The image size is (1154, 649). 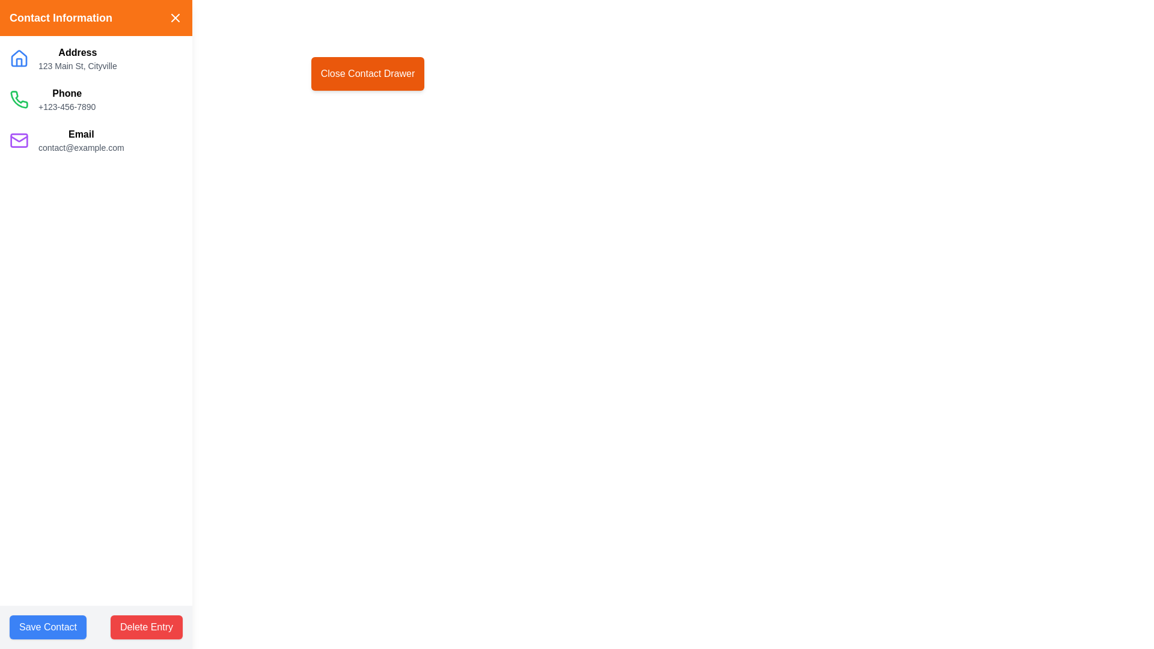 What do you see at coordinates (66, 106) in the screenshot?
I see `the phone number text located in the 'Contact Information' section, below the 'Phone' label and aligned with the green phone icon` at bounding box center [66, 106].